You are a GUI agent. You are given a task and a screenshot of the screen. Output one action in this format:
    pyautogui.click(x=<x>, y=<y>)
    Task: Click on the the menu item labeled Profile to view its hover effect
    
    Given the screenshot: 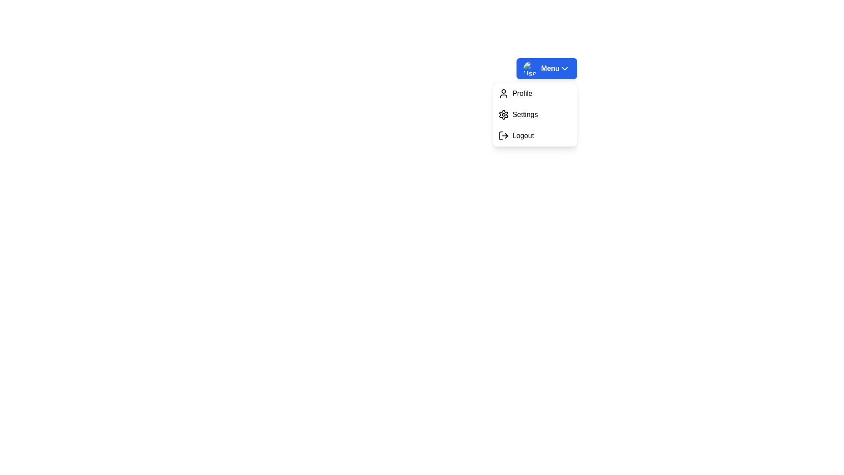 What is the action you would take?
    pyautogui.click(x=534, y=93)
    